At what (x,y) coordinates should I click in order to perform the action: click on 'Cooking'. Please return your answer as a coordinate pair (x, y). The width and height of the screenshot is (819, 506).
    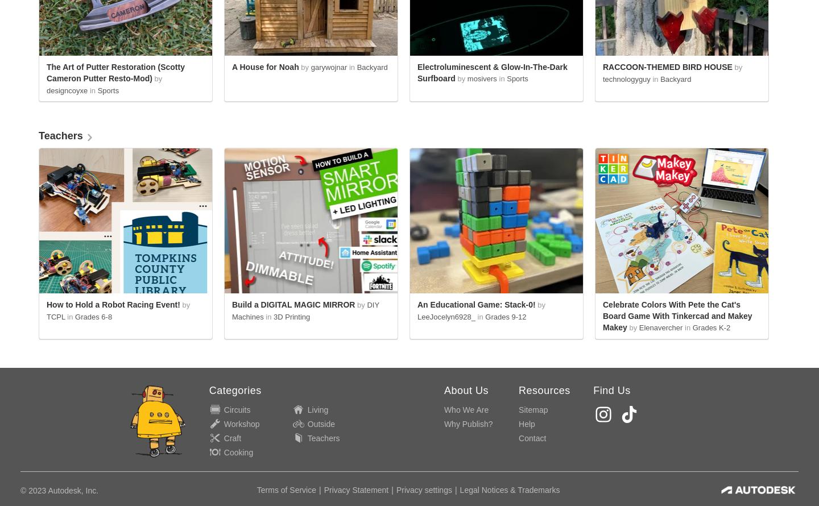
    Looking at the image, I should click on (238, 453).